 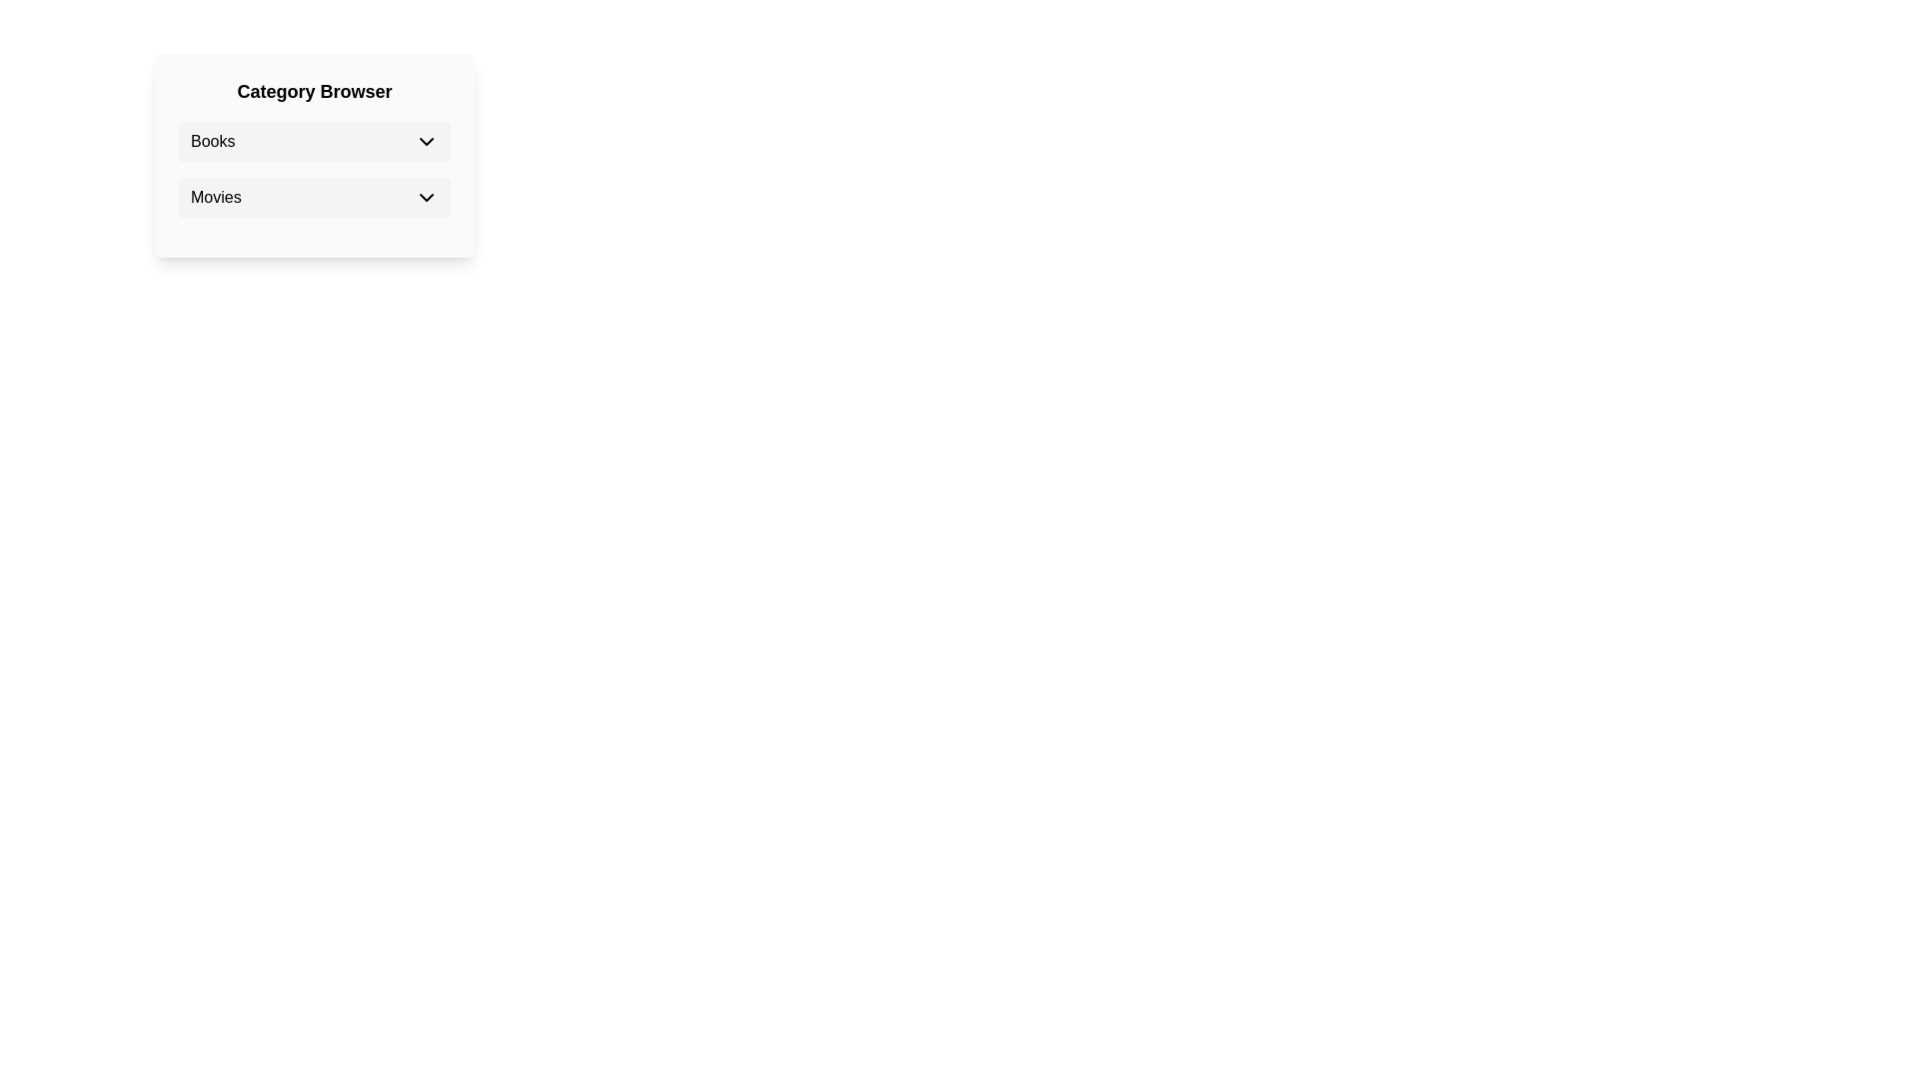 What do you see at coordinates (213, 141) in the screenshot?
I see `the 'Books' text label styled in a medium-weight font, located in a light-gray rounded rectangular area associated with a dropdown menu` at bounding box center [213, 141].